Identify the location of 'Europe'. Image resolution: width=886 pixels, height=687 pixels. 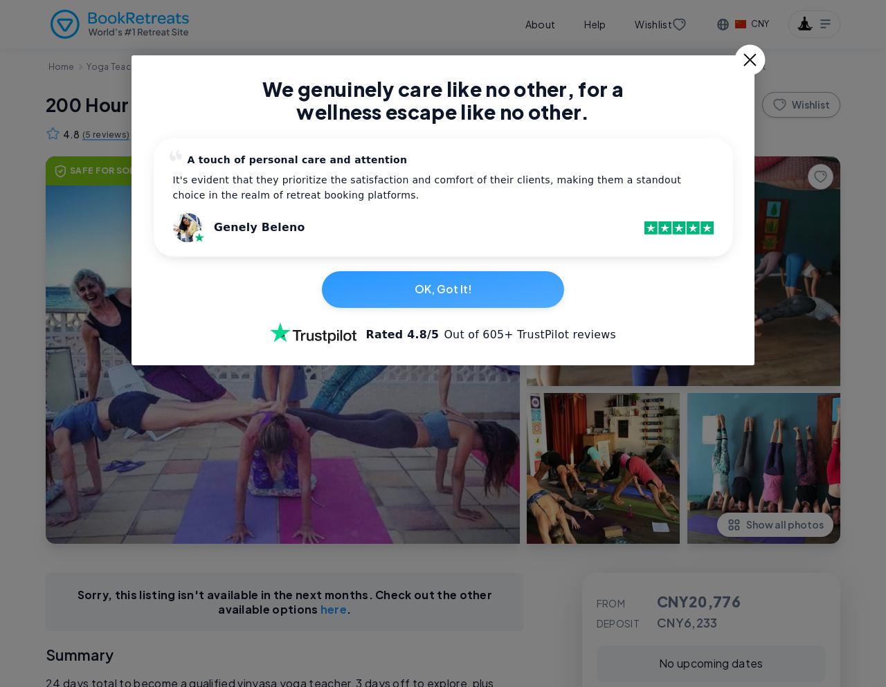
(208, 66).